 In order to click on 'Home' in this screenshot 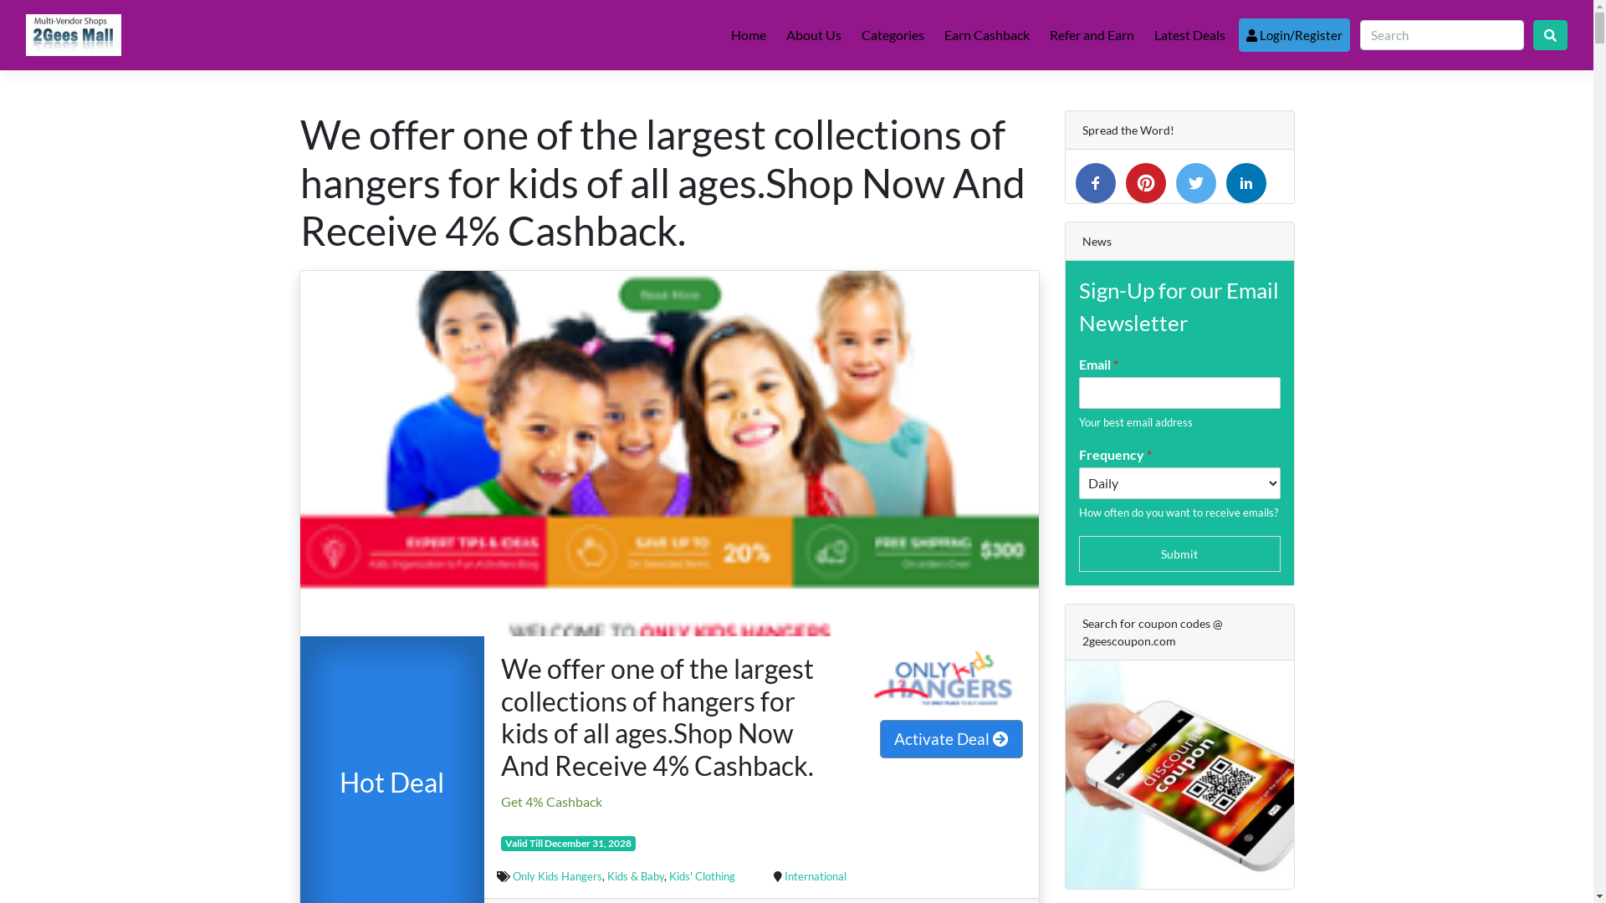, I will do `click(747, 35)`.